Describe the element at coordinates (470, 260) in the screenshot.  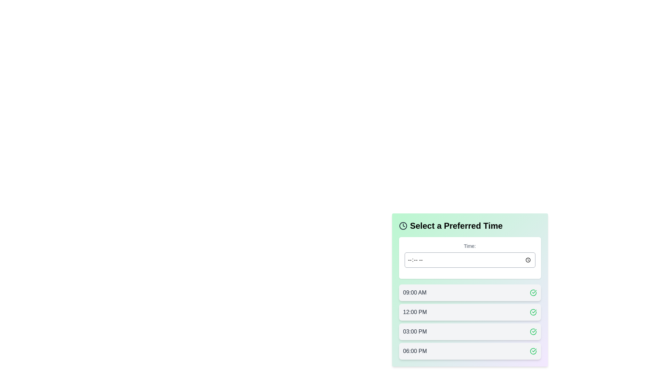
I see `the Time input field, which is a rectangular field with a clock icon on the right and a placeholder for time selection` at that location.